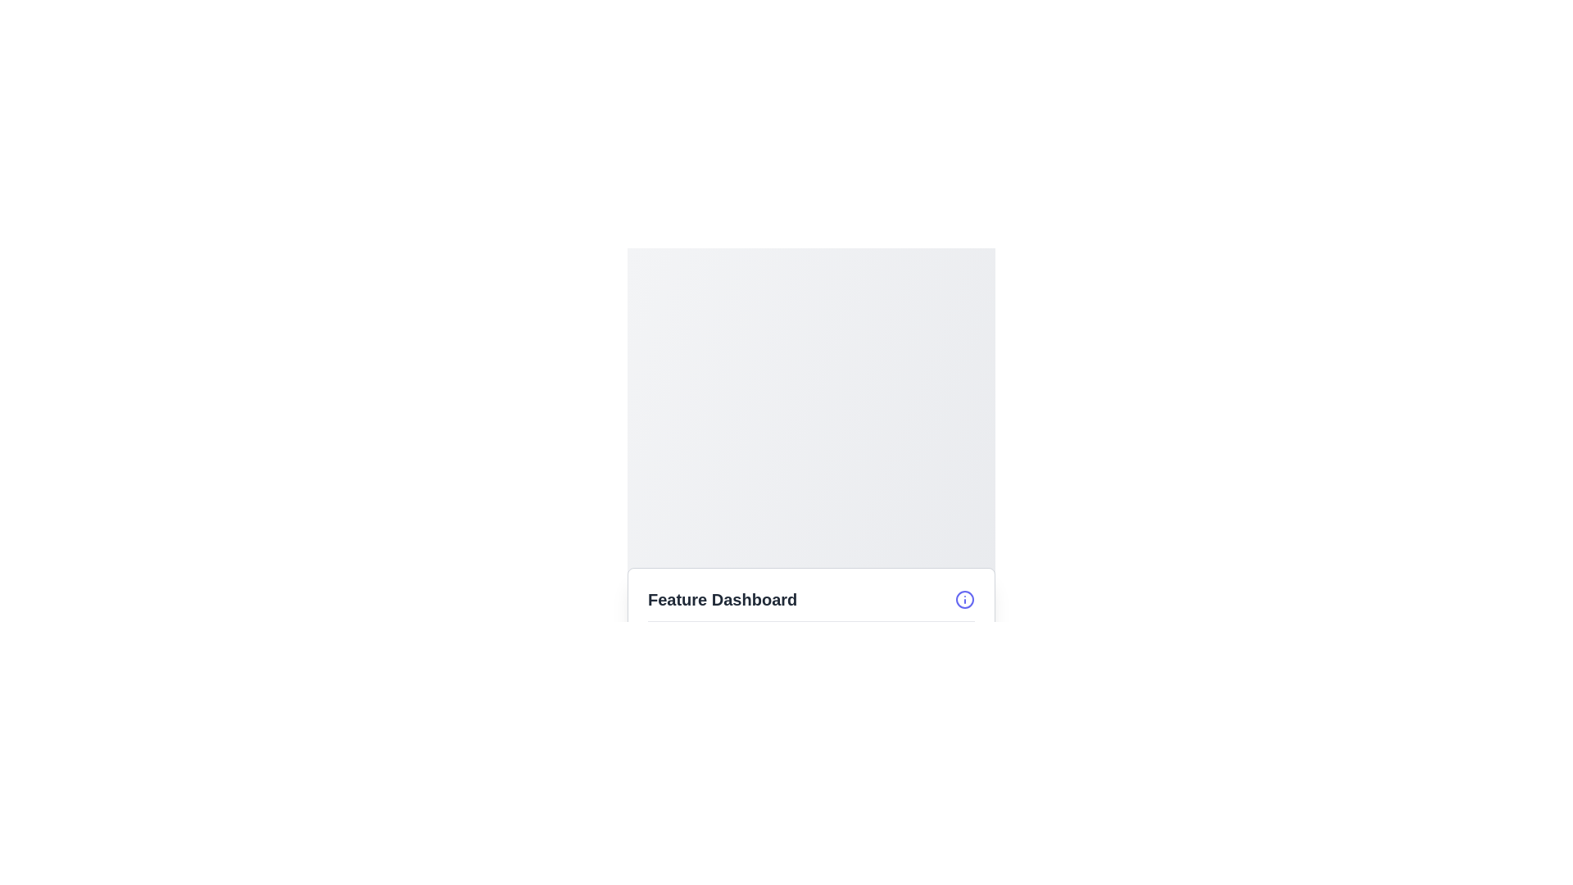  What do you see at coordinates (964, 599) in the screenshot?
I see `the circular 'Info' icon with a blue outline located to the right of the 'Feature Dashboard' text` at bounding box center [964, 599].